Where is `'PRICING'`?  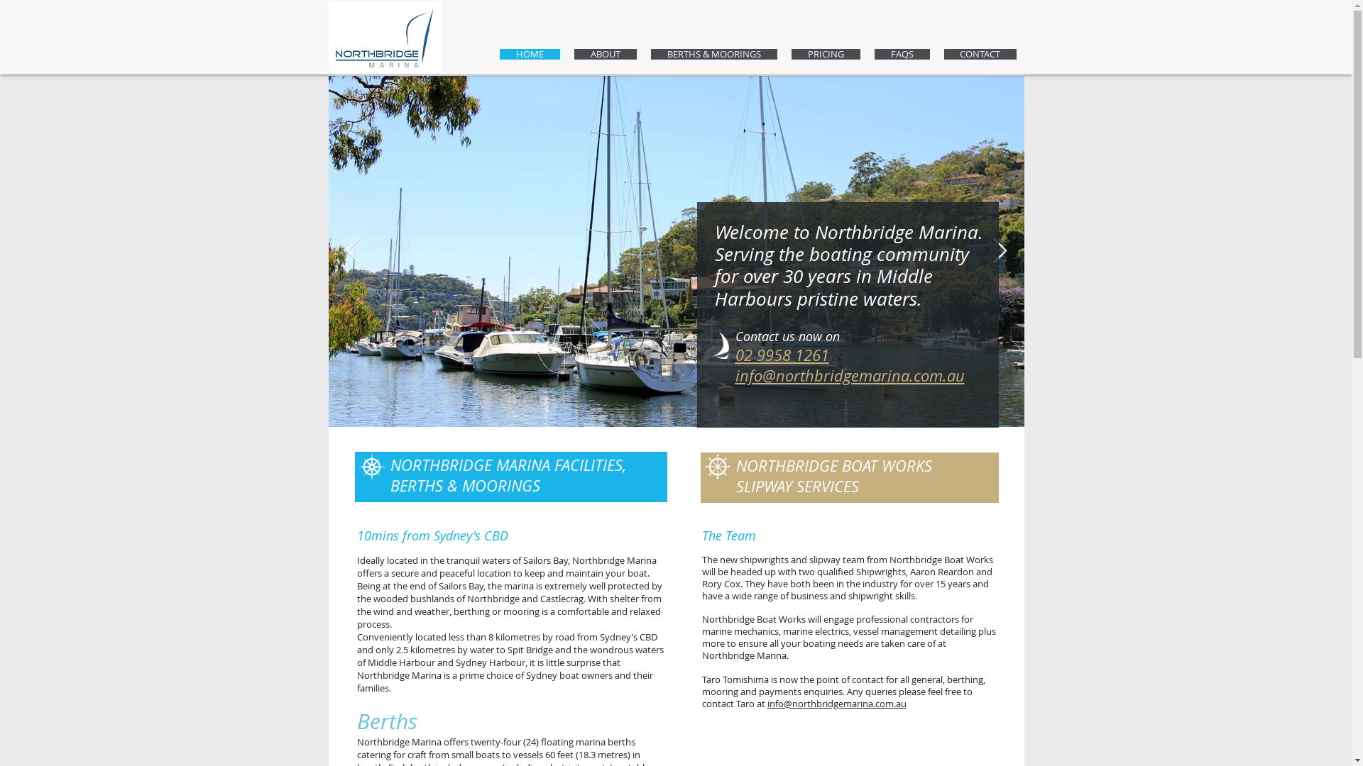
'PRICING' is located at coordinates (825, 53).